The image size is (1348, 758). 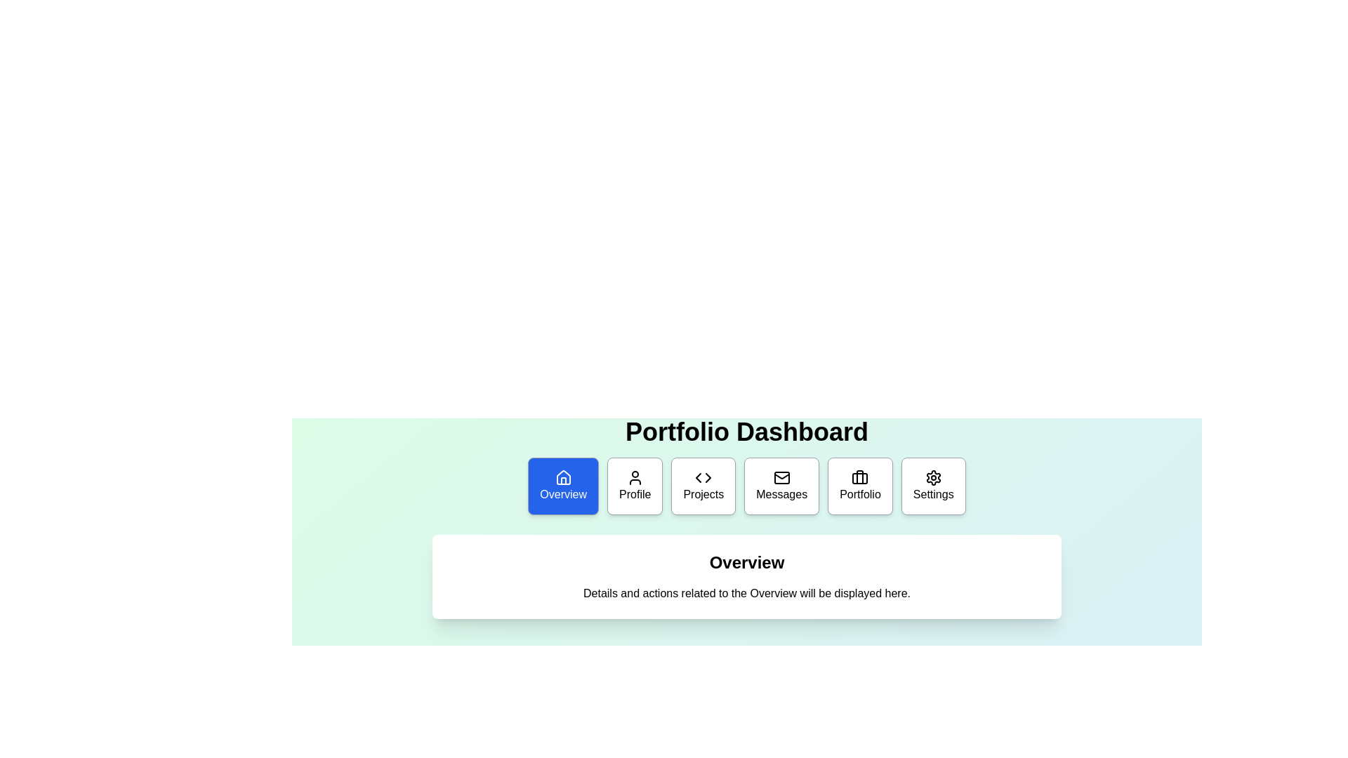 What do you see at coordinates (563, 477) in the screenshot?
I see `the 'Home' icon in the navigation bar at the bottom of the Portfolio Dashboard interface, which visually represents the Overview section` at bounding box center [563, 477].